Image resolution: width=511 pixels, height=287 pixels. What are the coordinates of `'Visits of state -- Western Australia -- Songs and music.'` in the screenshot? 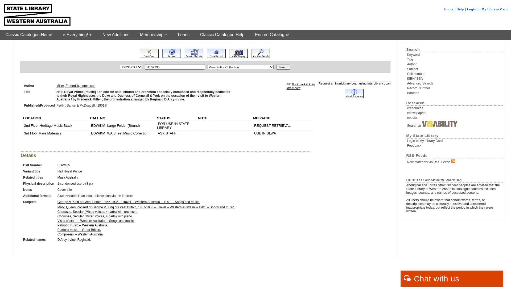 It's located at (96, 221).